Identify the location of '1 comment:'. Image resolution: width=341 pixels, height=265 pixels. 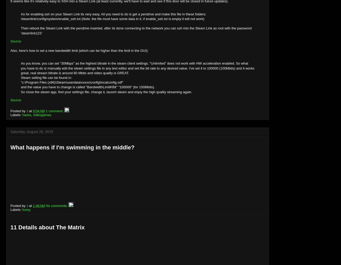
(55, 111).